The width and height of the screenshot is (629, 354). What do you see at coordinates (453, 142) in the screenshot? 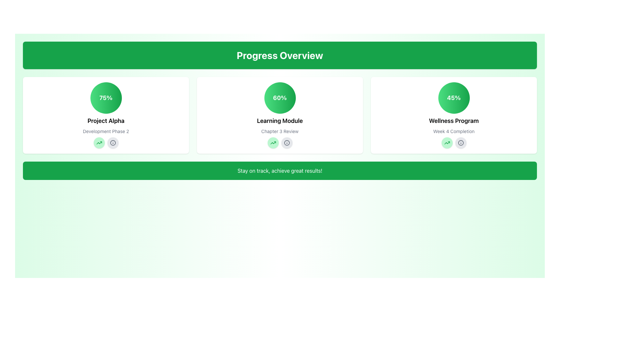
I see `the graphical set of icons nested within circular buttons located below the 'Wellness Program Week 4 Completion' section` at bounding box center [453, 142].